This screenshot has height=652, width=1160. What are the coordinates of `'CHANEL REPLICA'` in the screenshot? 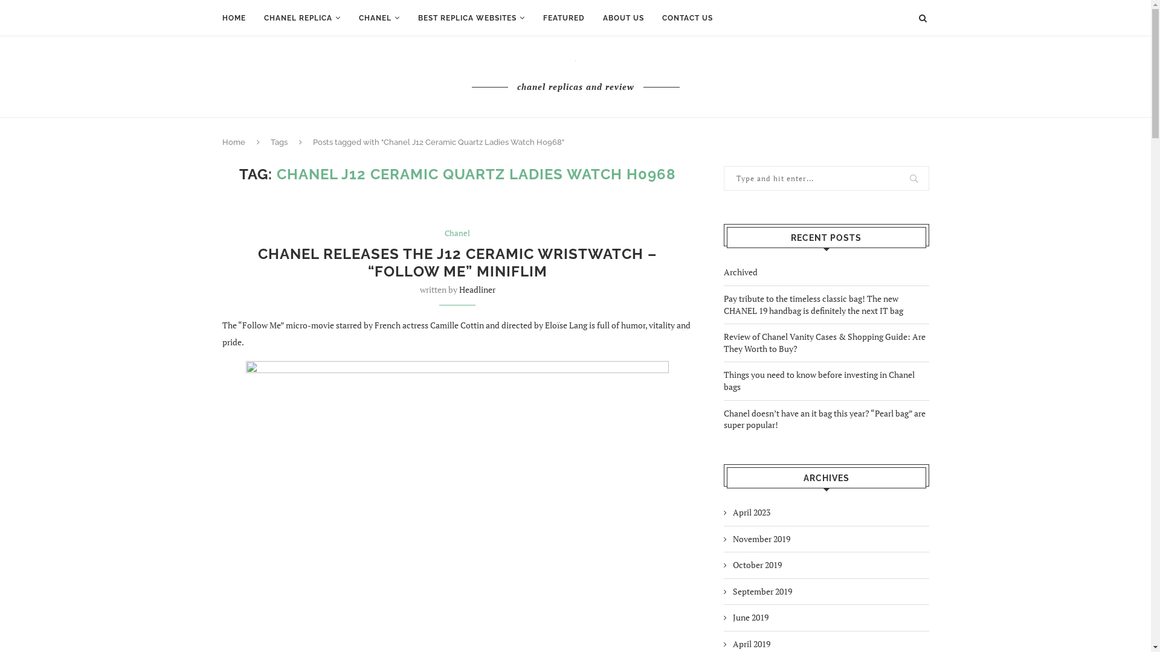 It's located at (263, 18).